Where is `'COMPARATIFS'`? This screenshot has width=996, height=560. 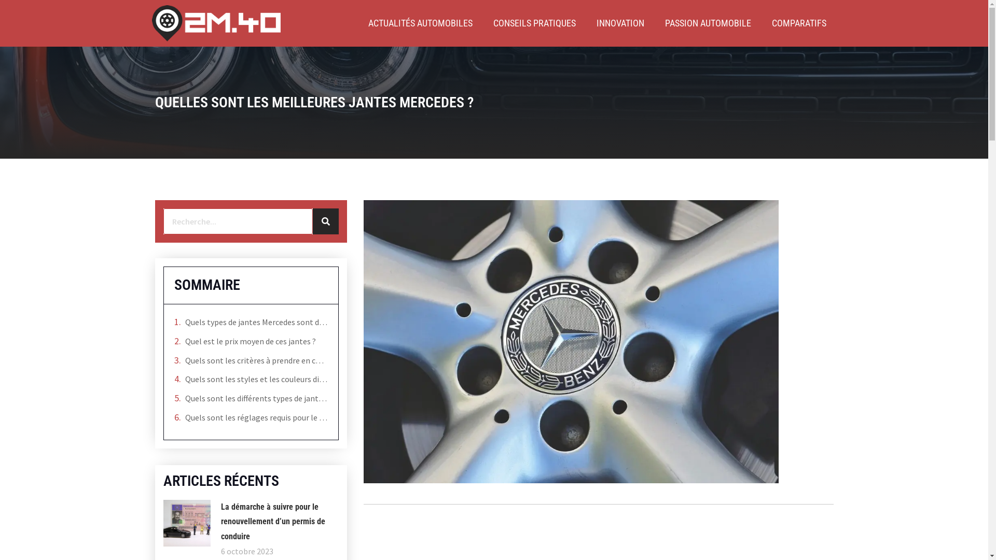 'COMPARATIFS' is located at coordinates (798, 23).